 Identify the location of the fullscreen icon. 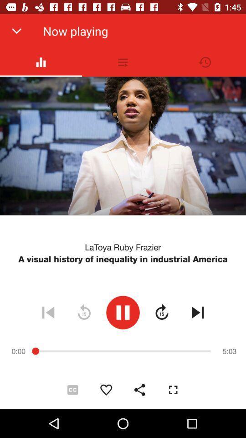
(173, 389).